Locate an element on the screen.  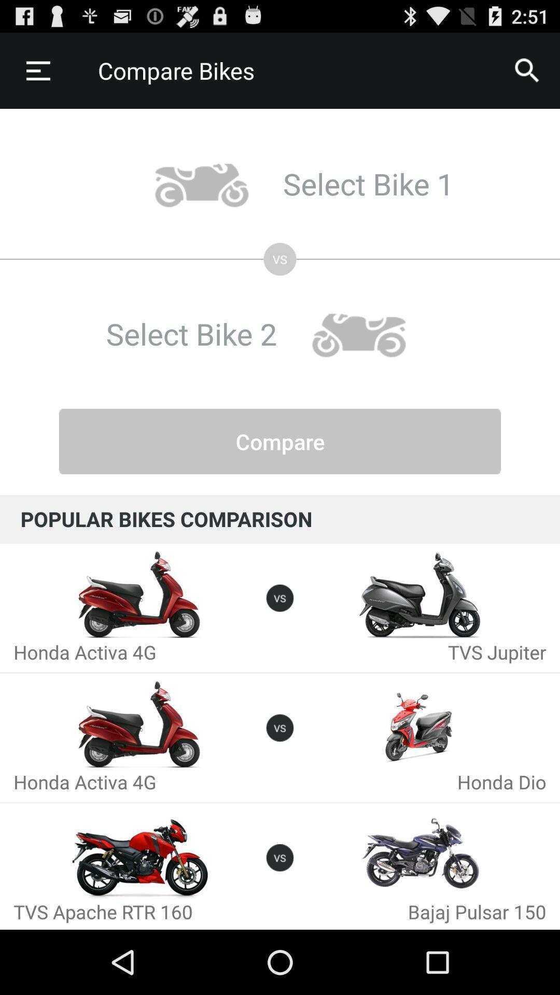
icon next to compare bikes icon is located at coordinates (527, 70).